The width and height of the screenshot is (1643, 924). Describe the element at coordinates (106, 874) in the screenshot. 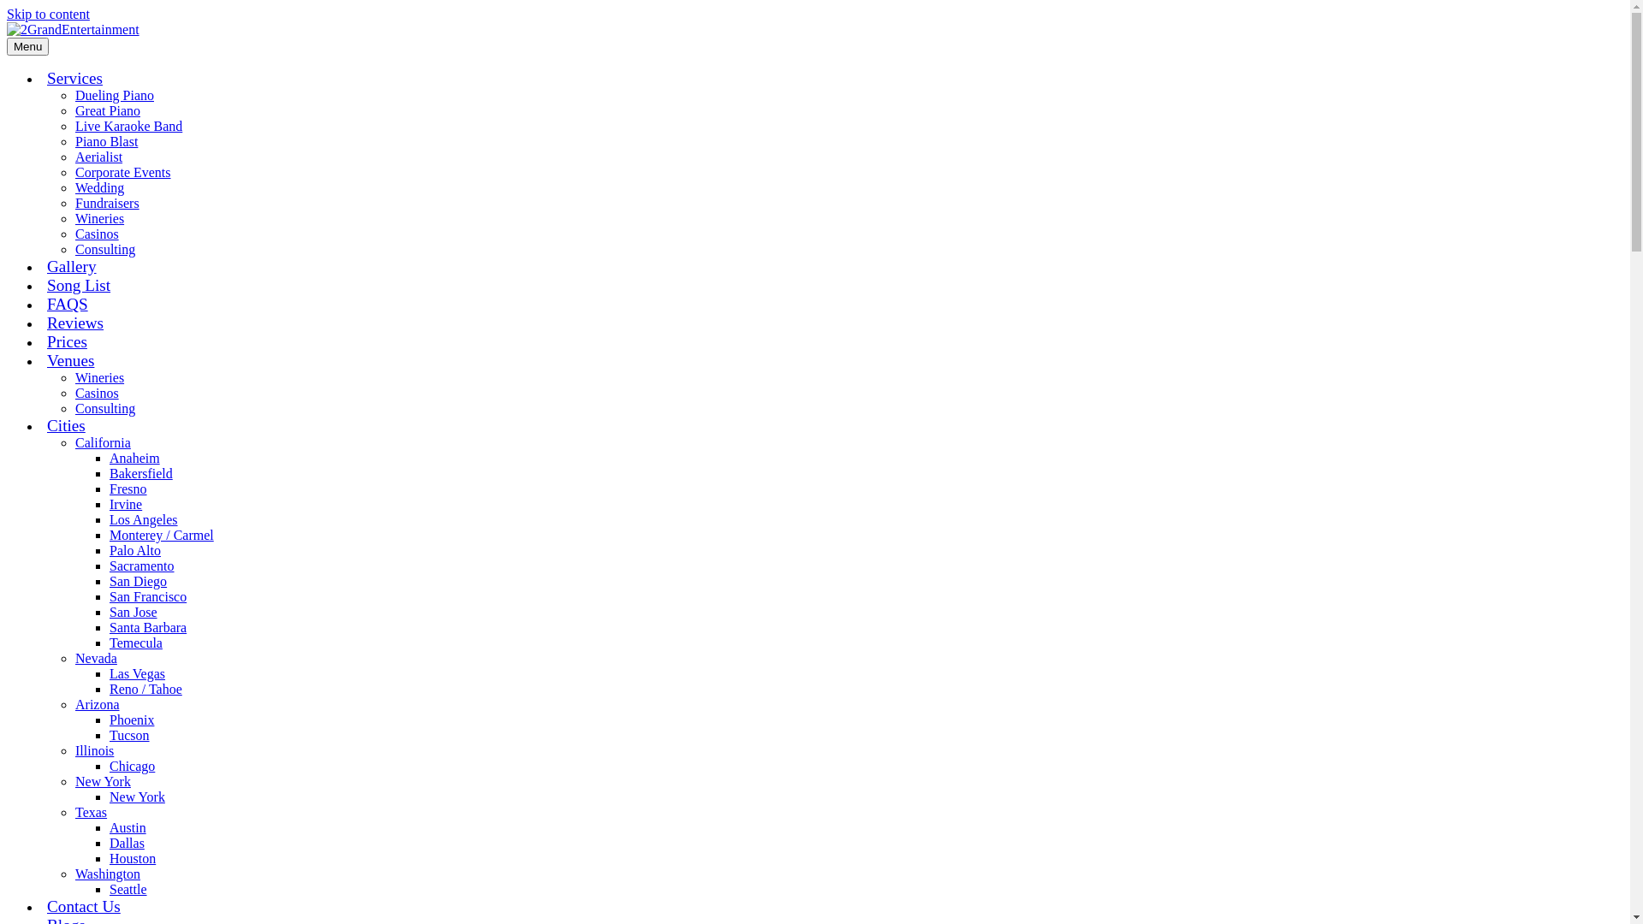

I see `'Washington'` at that location.